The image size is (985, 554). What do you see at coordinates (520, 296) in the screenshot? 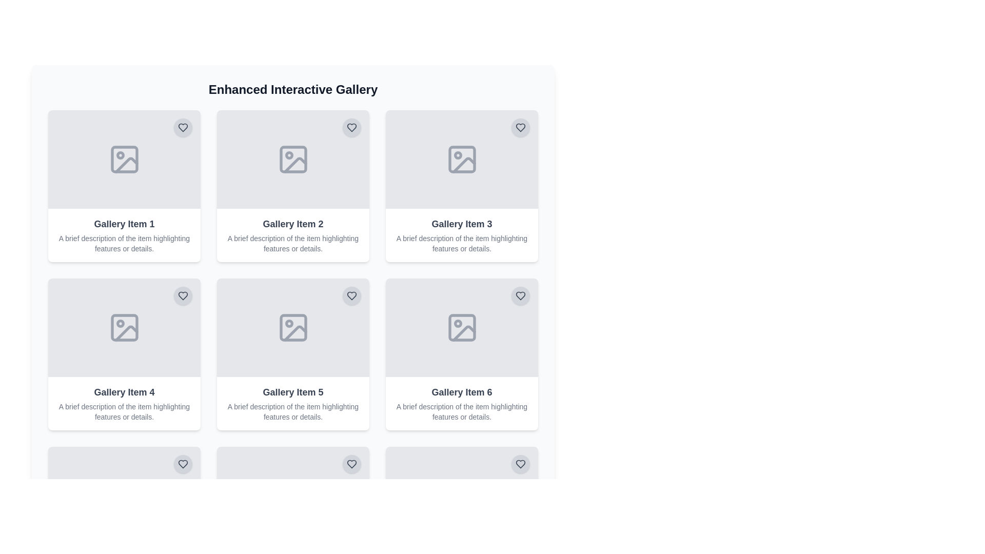
I see `the circular button with a gray background and heart icon` at bounding box center [520, 296].